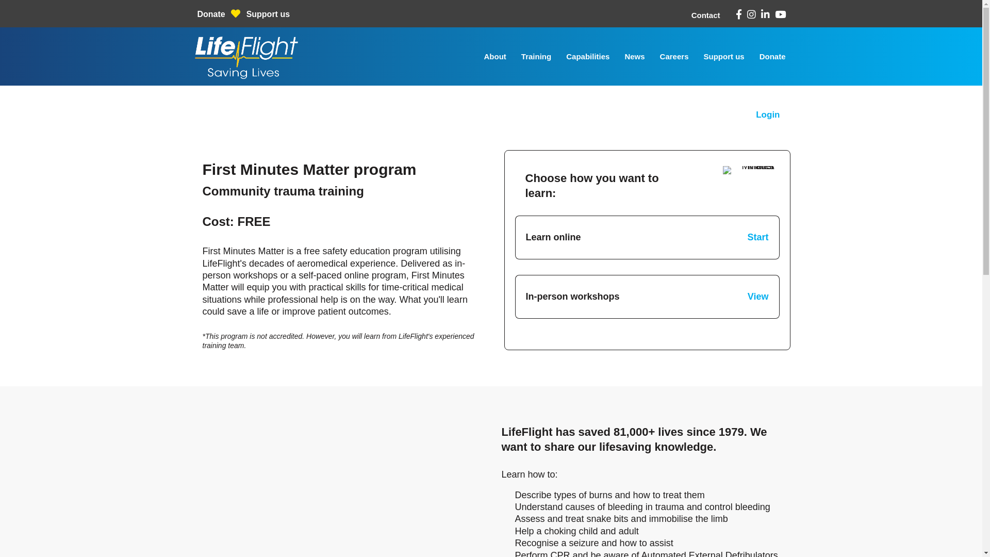 This screenshot has width=990, height=557. Describe the element at coordinates (780, 14) in the screenshot. I see `'Follow on YouTube'` at that location.